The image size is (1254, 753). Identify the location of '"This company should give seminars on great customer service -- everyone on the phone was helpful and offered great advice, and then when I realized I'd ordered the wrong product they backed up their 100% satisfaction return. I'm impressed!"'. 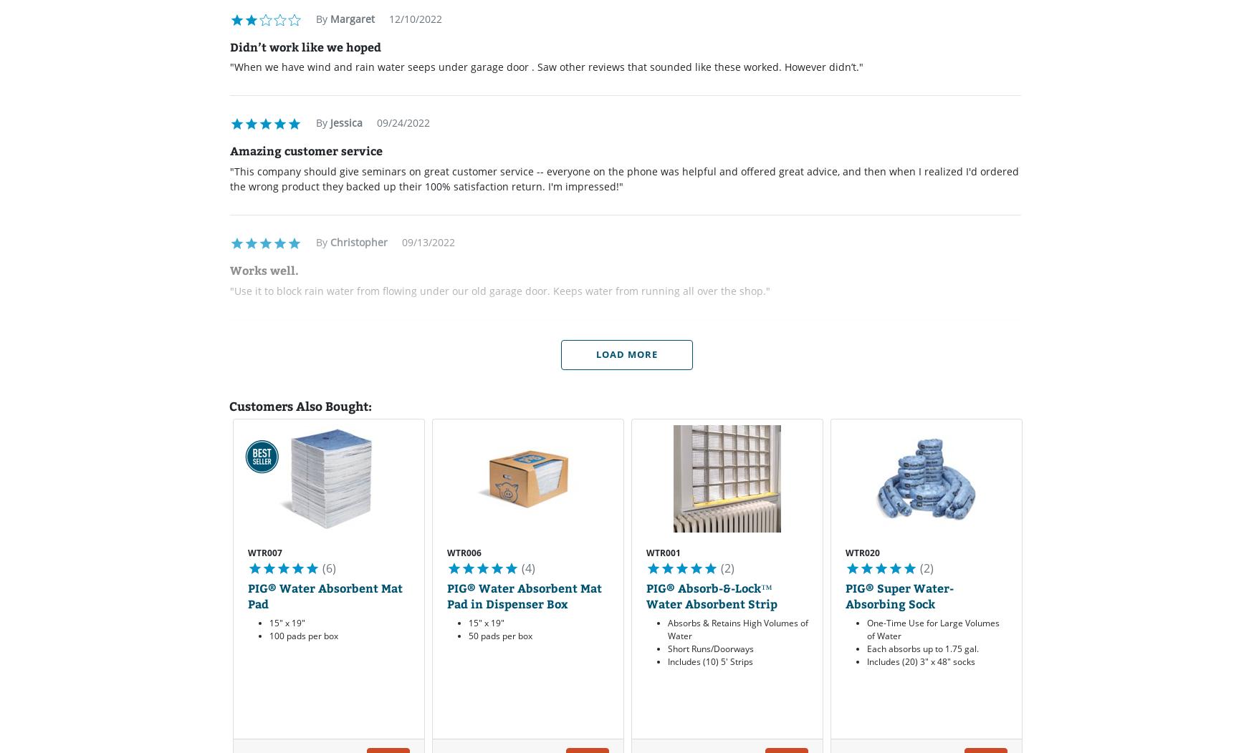
(624, 178).